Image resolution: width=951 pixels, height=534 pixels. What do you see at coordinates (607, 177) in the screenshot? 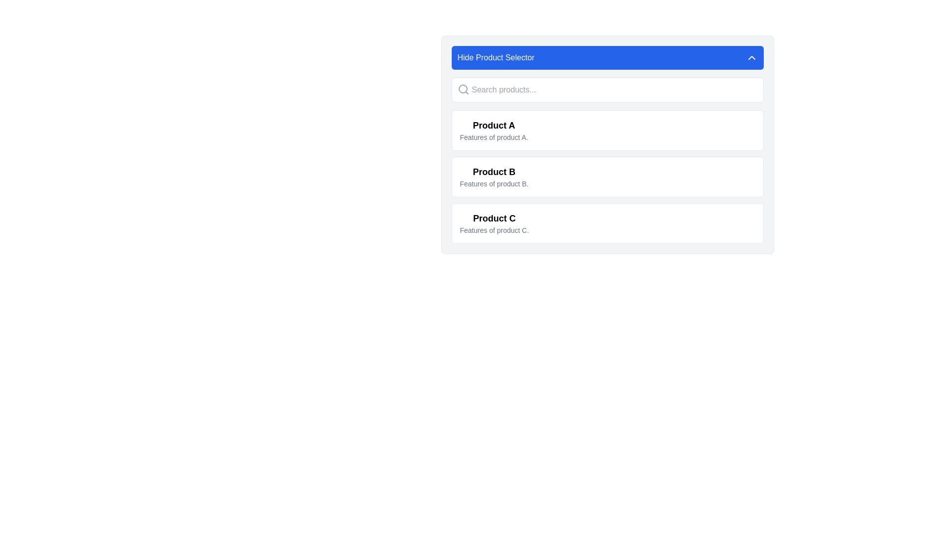
I see `the selectable list item conveying the name and features of 'Product B'` at bounding box center [607, 177].